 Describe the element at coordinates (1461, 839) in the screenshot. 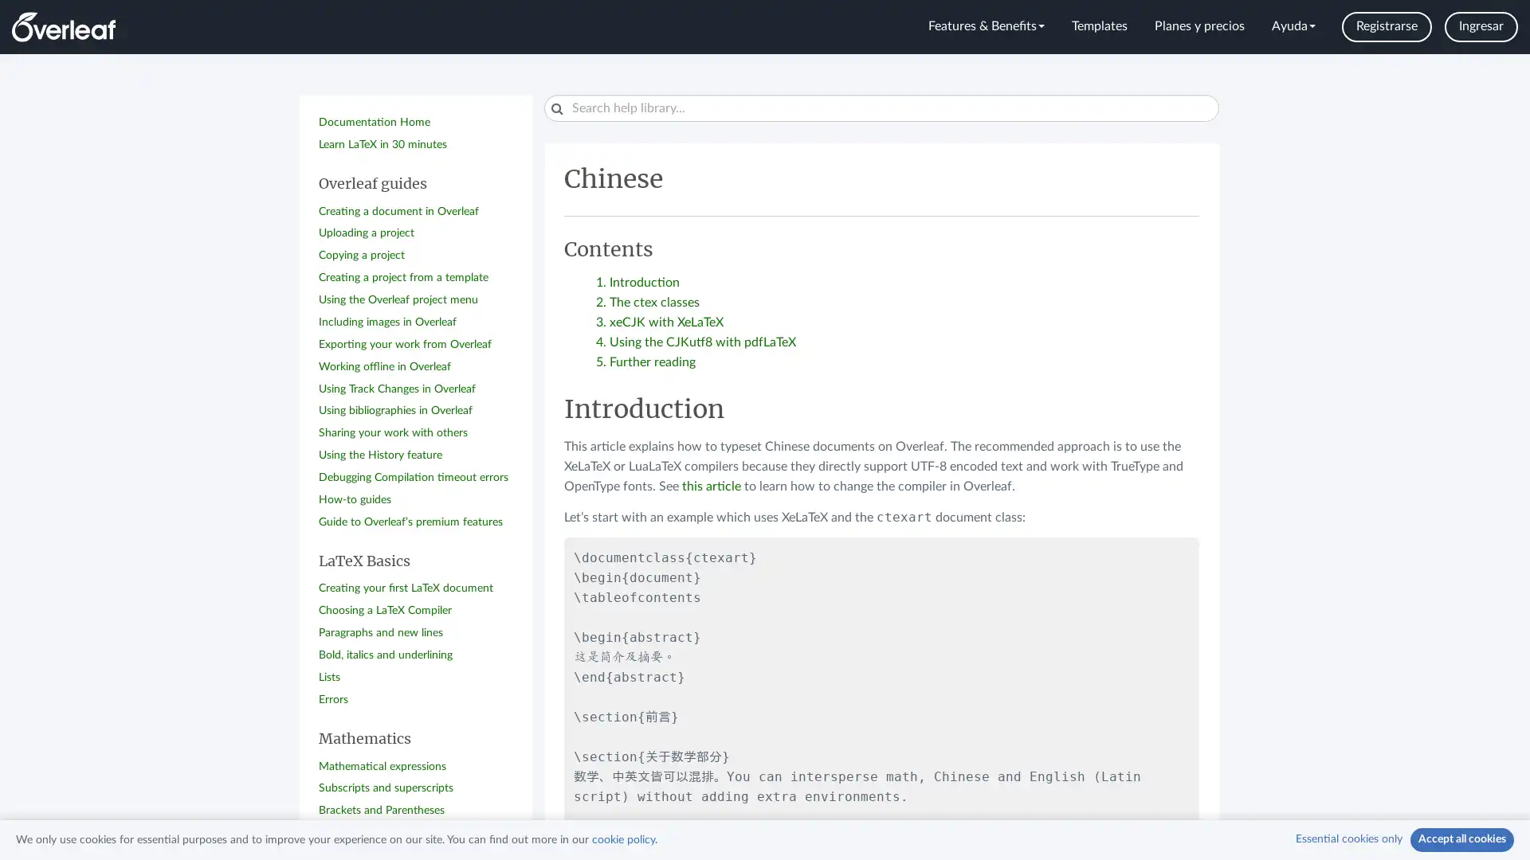

I see `Accept all cookies` at that location.